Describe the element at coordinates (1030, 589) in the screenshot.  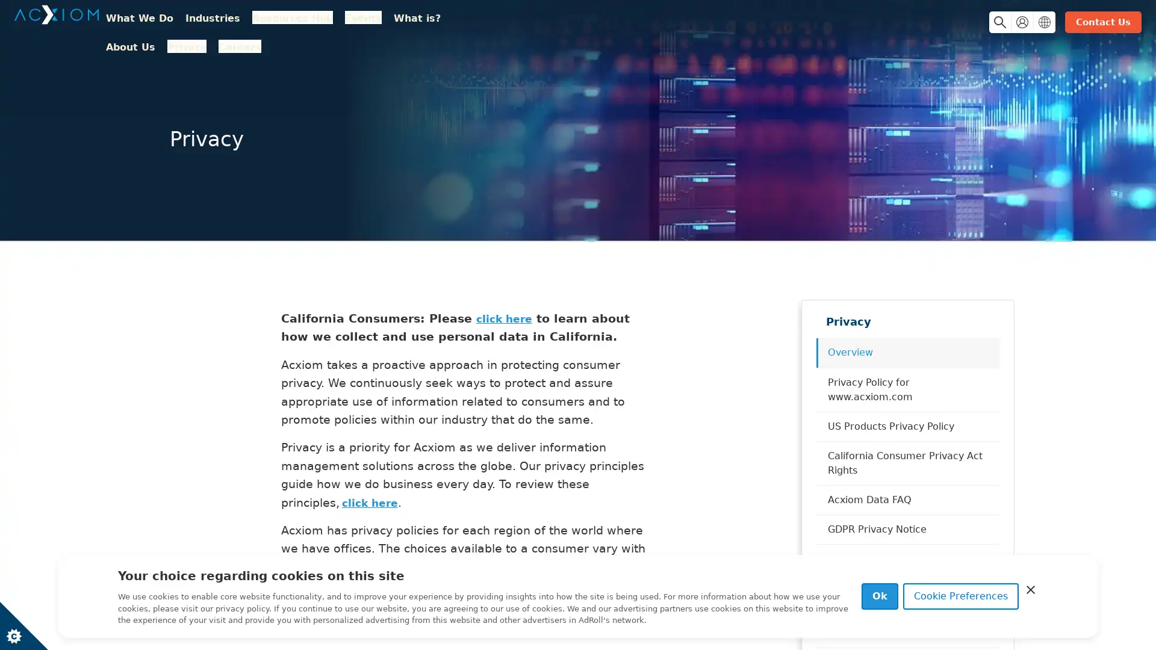
I see `Close` at that location.